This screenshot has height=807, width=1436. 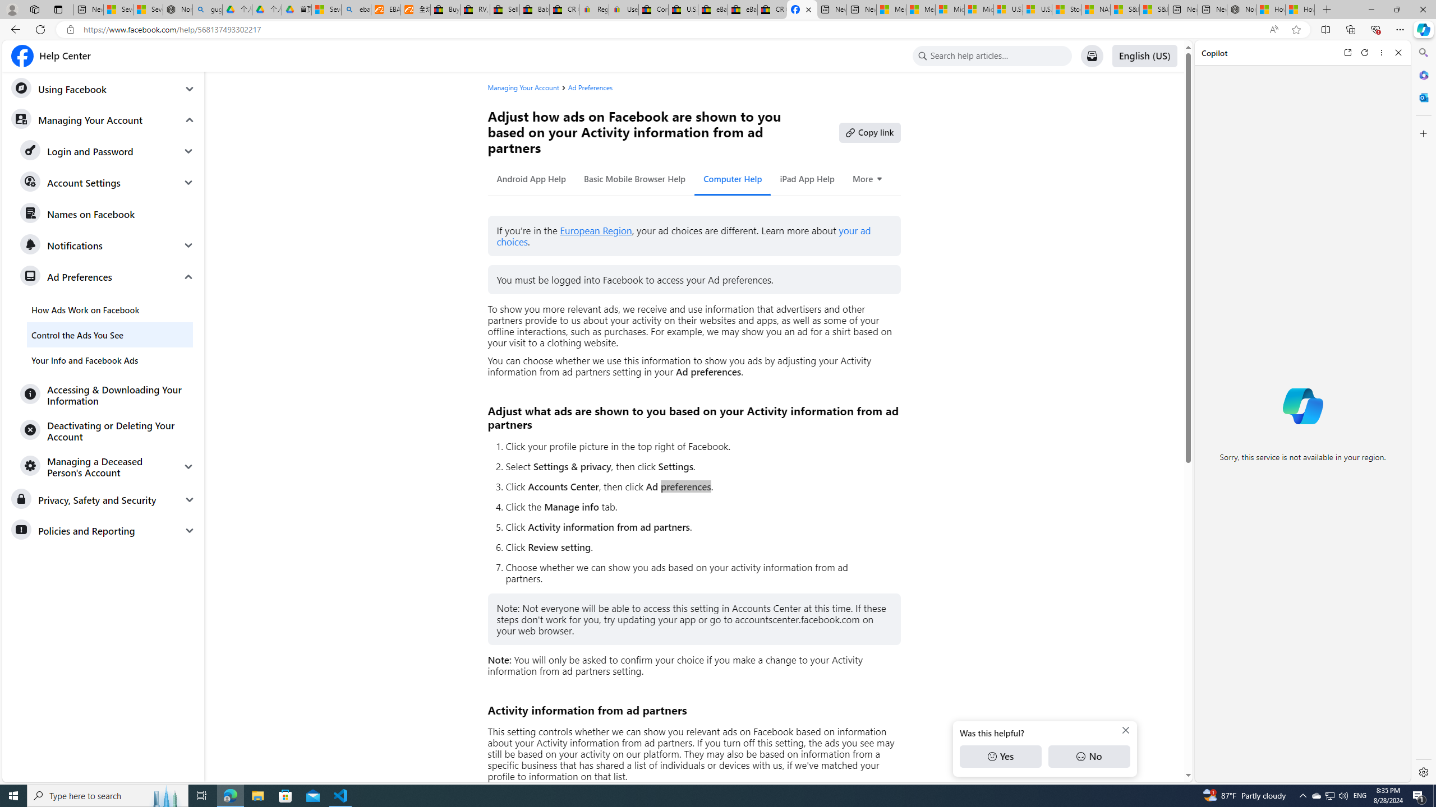 I want to click on 'Yes', so click(x=1000, y=756).